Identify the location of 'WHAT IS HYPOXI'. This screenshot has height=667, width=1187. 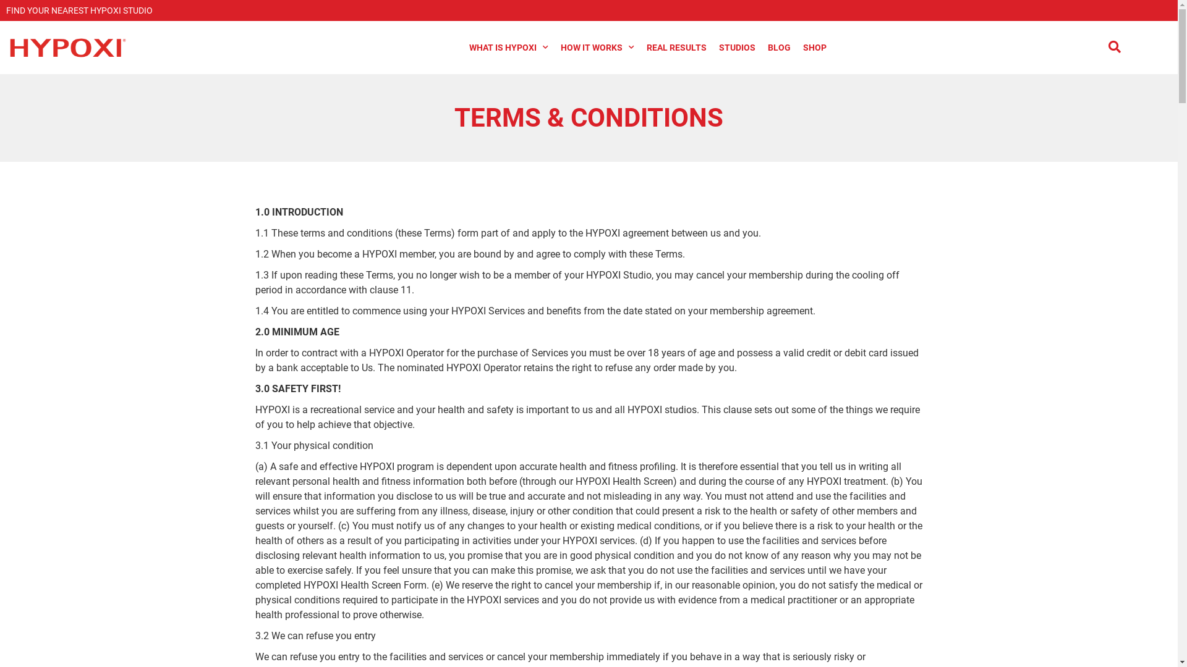
(508, 47).